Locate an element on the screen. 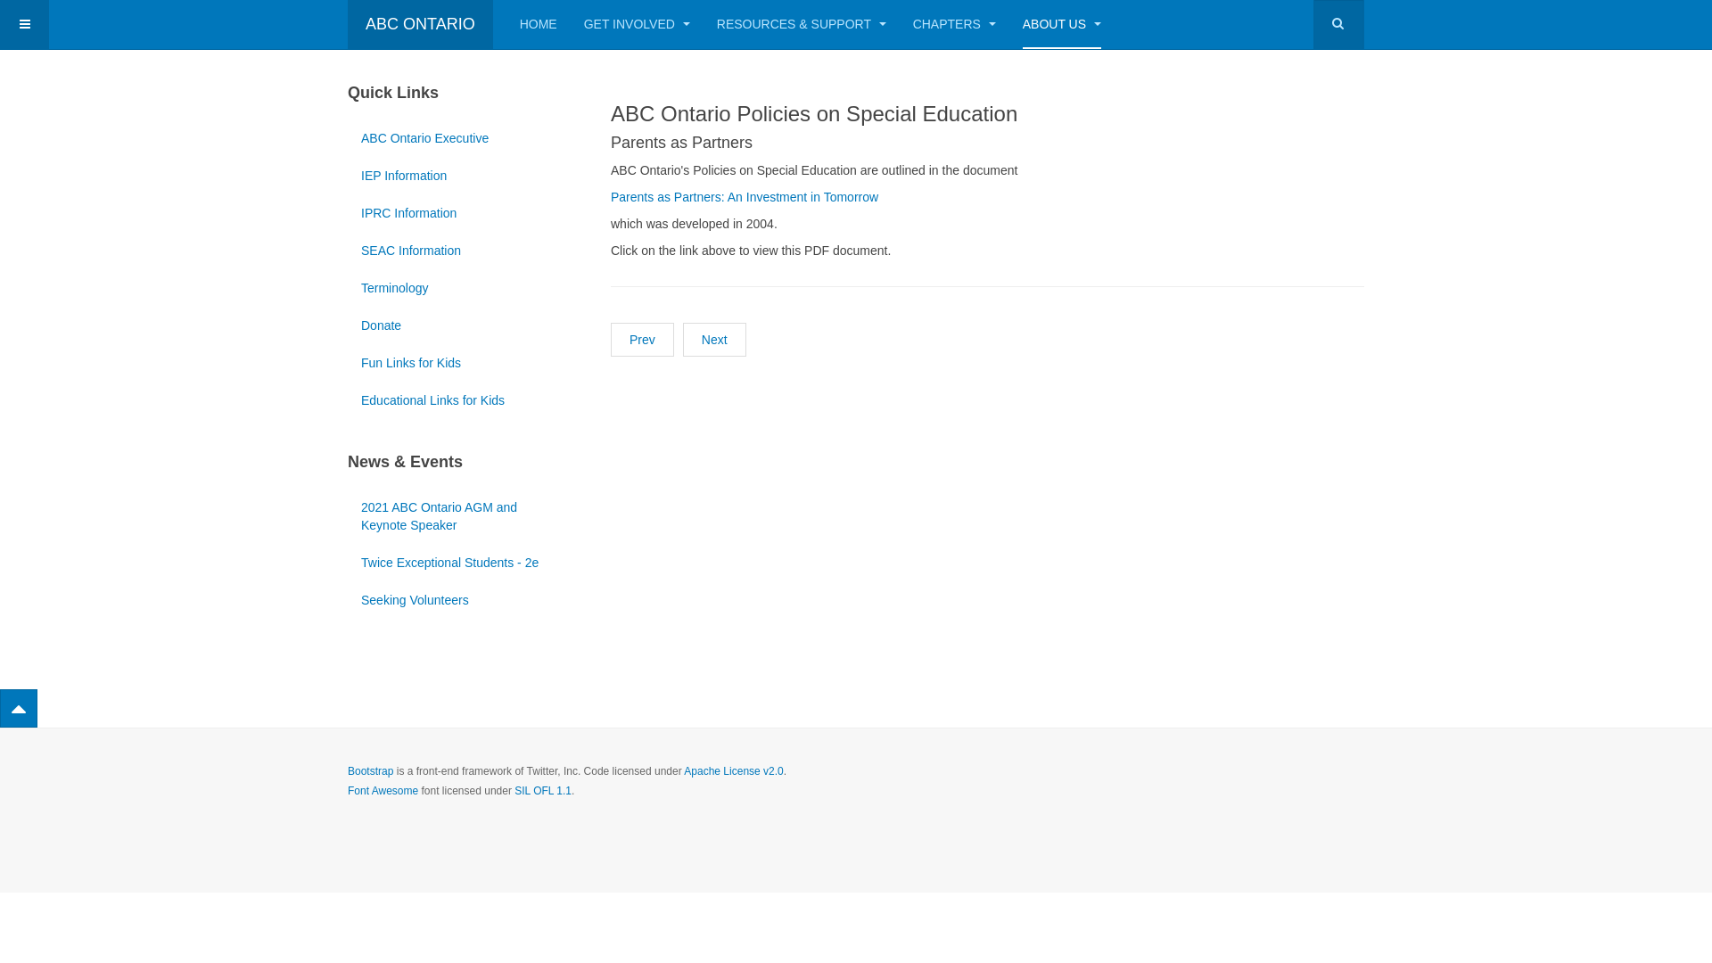  'Next' is located at coordinates (714, 340).